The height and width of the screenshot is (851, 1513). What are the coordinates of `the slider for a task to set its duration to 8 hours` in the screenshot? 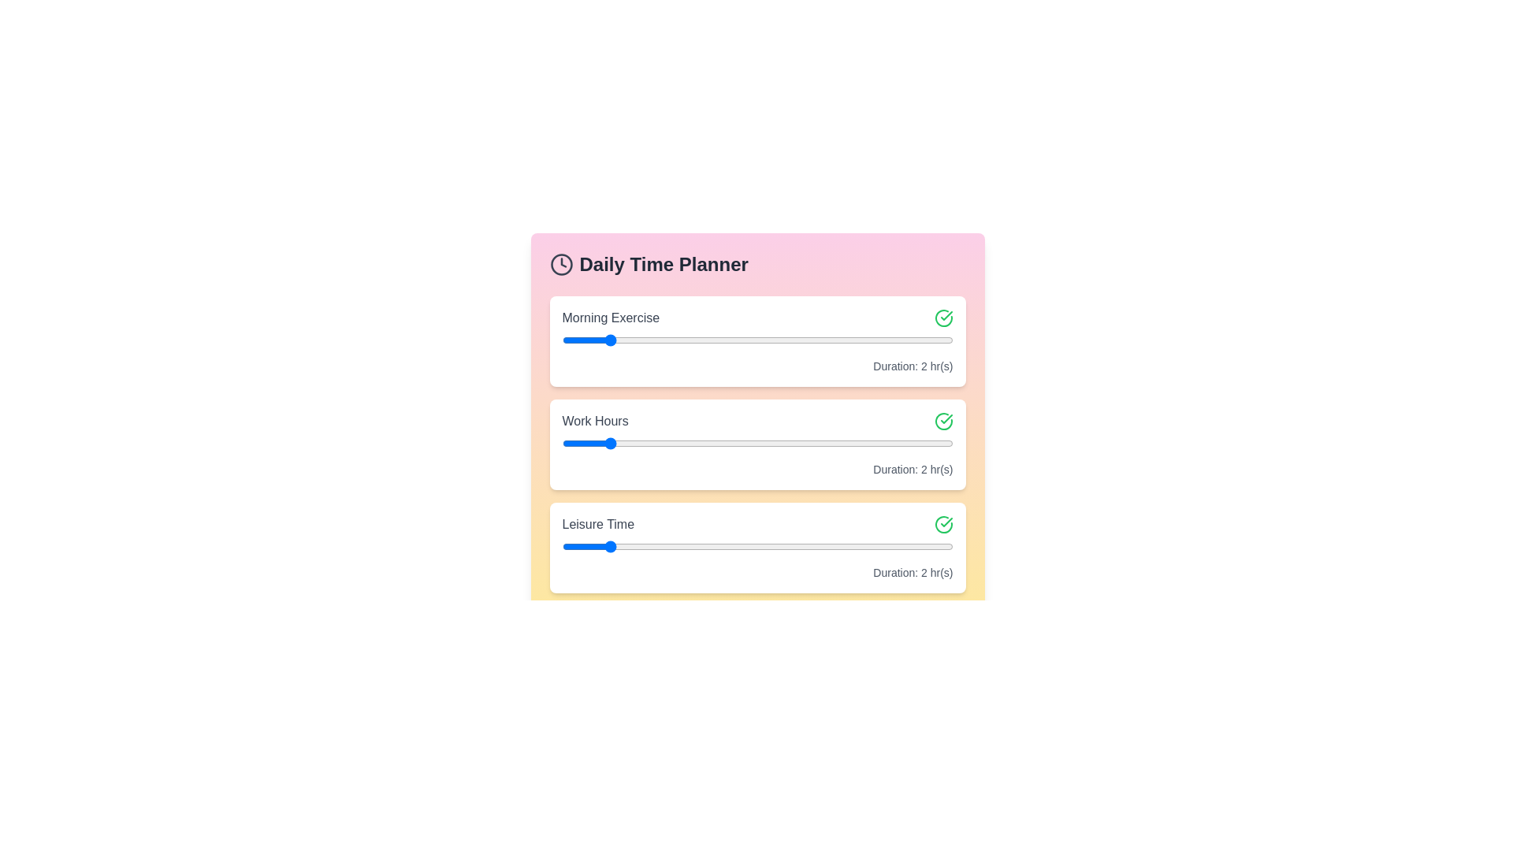 It's located at (865, 340).